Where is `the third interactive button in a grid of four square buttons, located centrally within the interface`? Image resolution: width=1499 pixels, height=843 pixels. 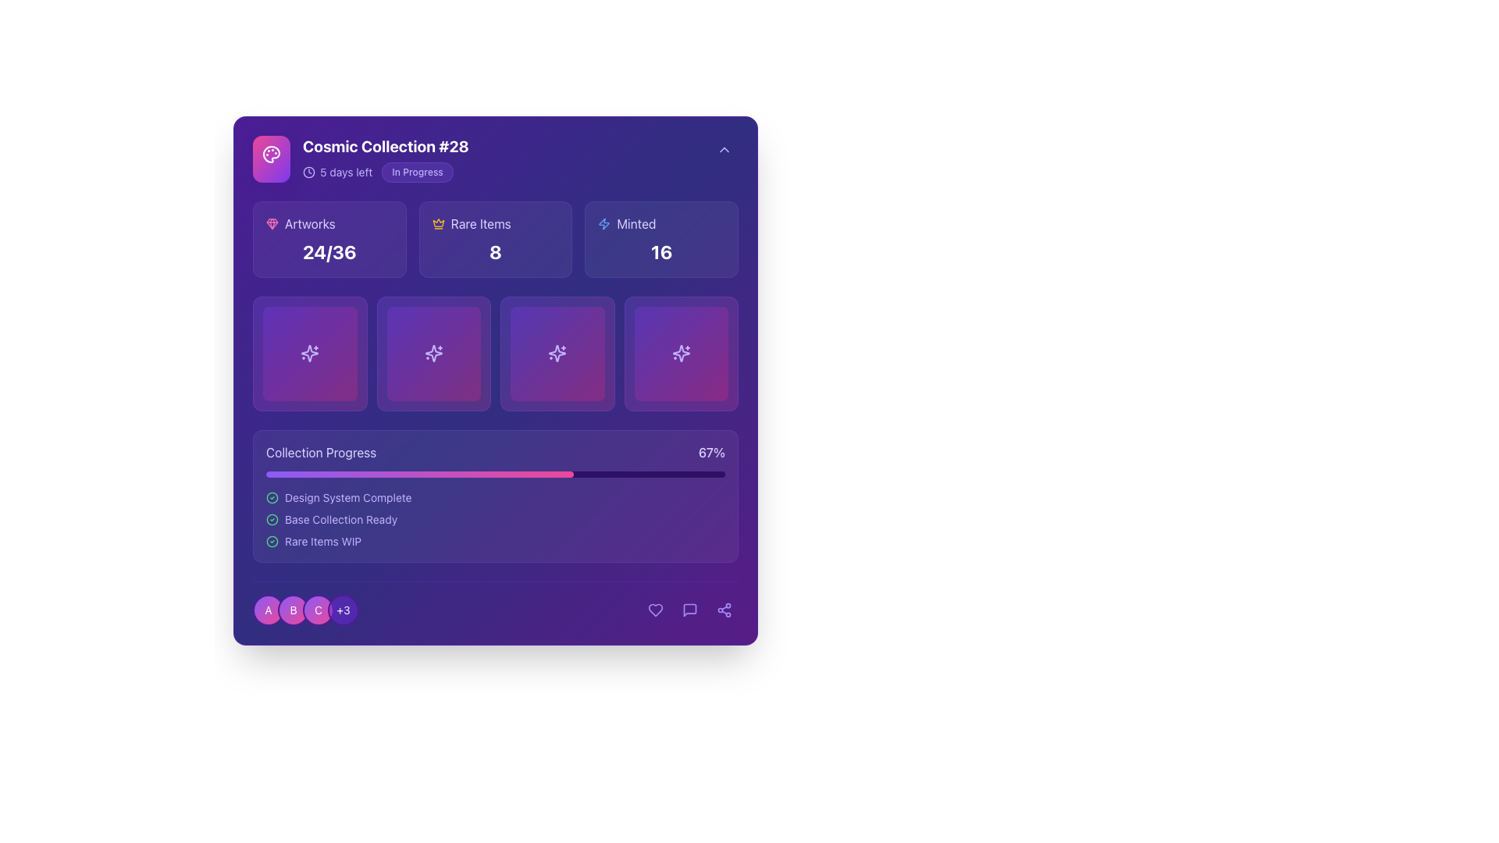
the third interactive button in a grid of four square buttons, located centrally within the interface is located at coordinates (557, 354).